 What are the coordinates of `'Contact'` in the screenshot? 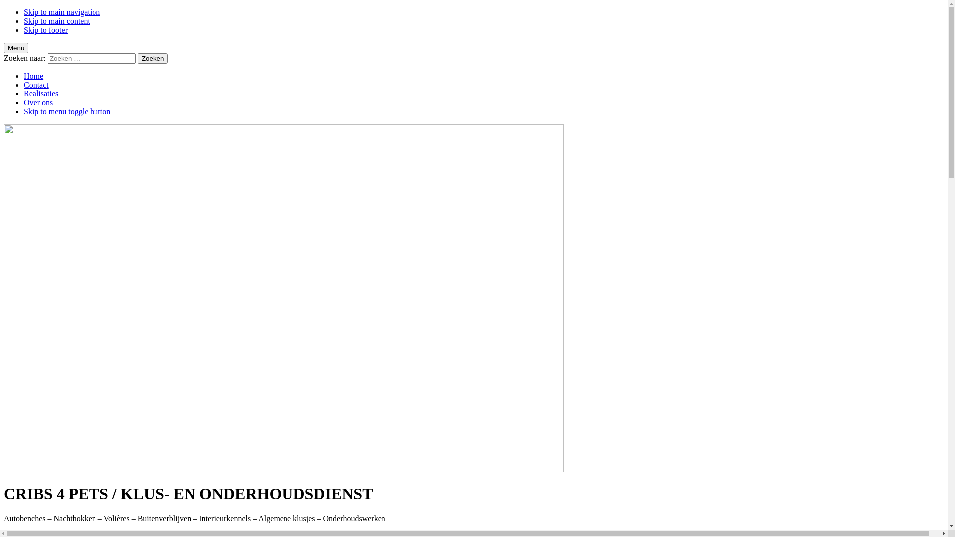 It's located at (36, 84).